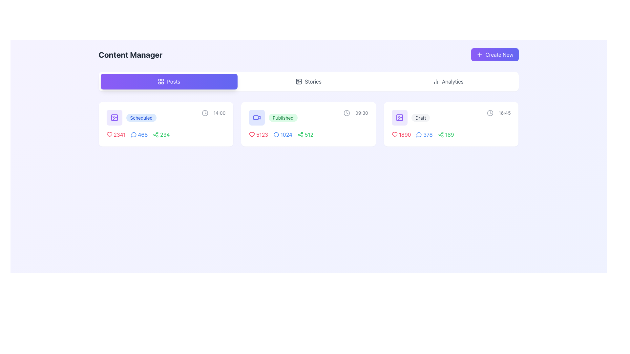  Describe the element at coordinates (137, 134) in the screenshot. I see `the blue message bubble icon with the numerical label '468'` at that location.